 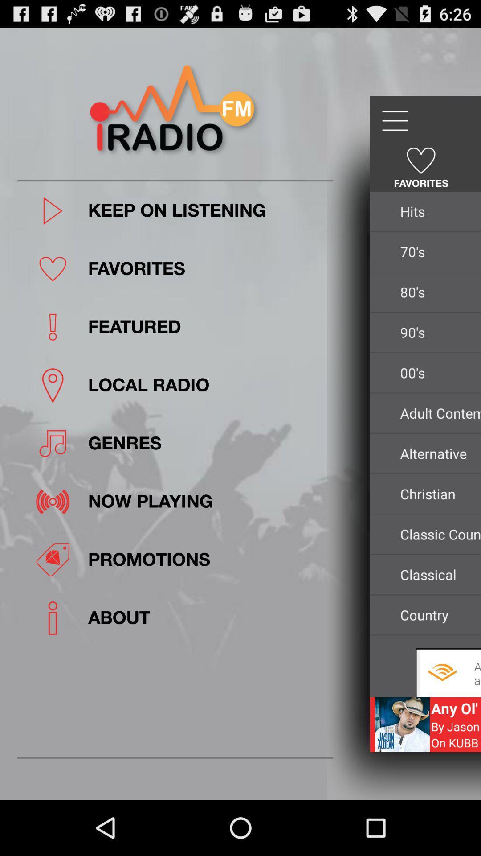 I want to click on icon below the 00's app, so click(x=437, y=412).